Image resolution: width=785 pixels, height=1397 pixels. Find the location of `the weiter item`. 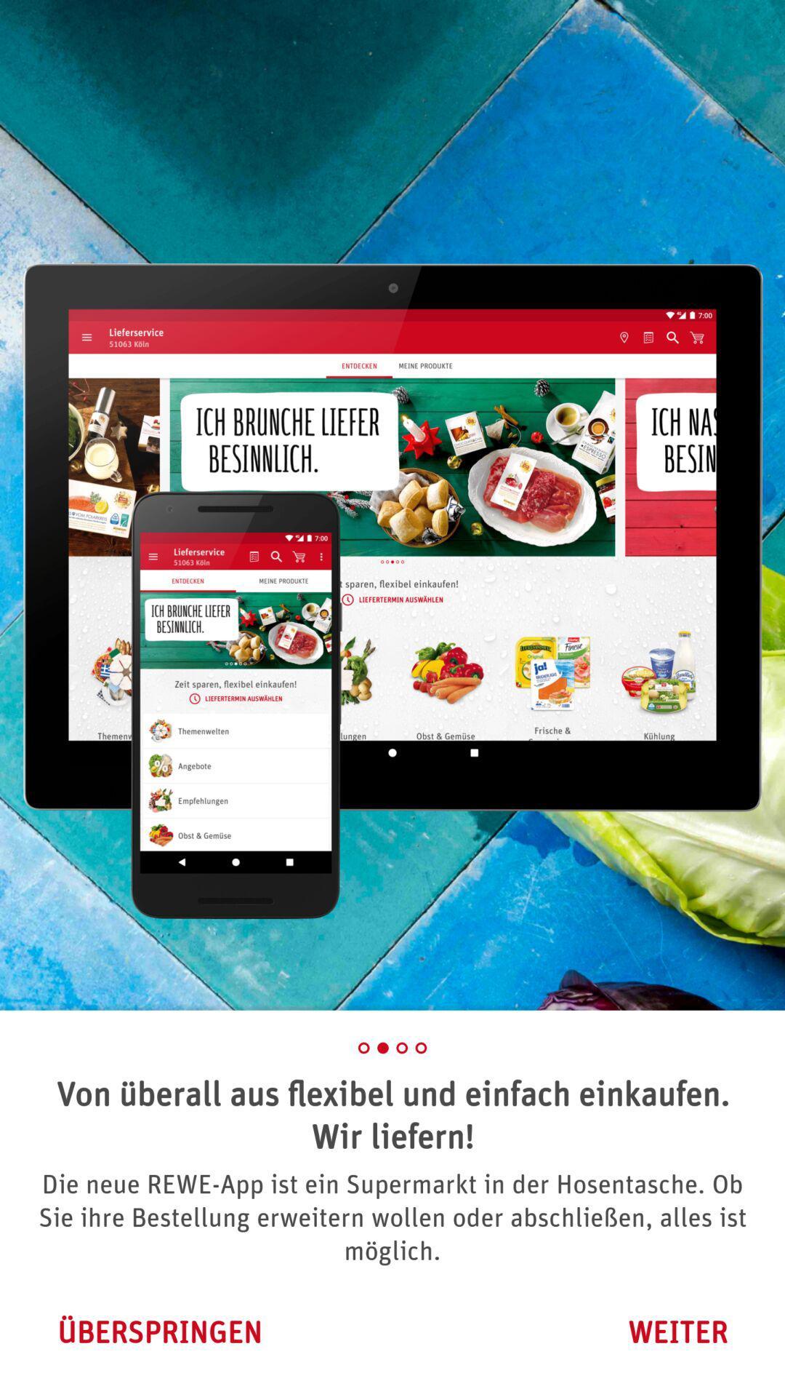

the weiter item is located at coordinates (677, 1332).